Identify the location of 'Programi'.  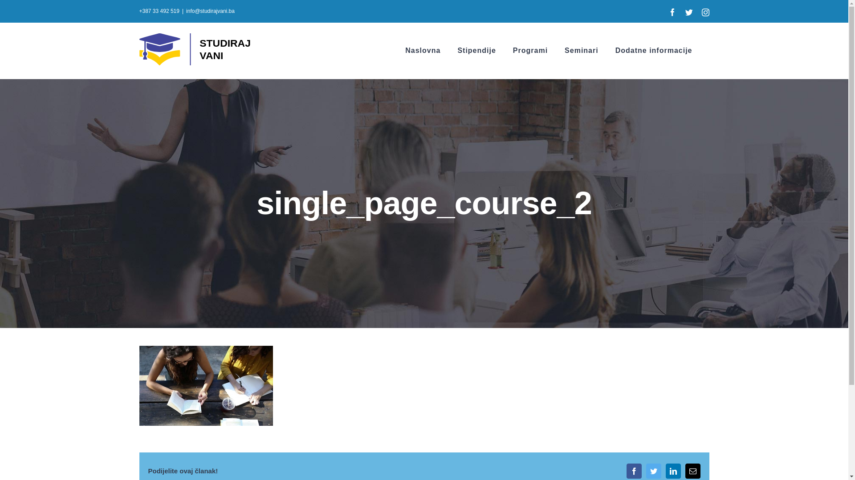
(530, 51).